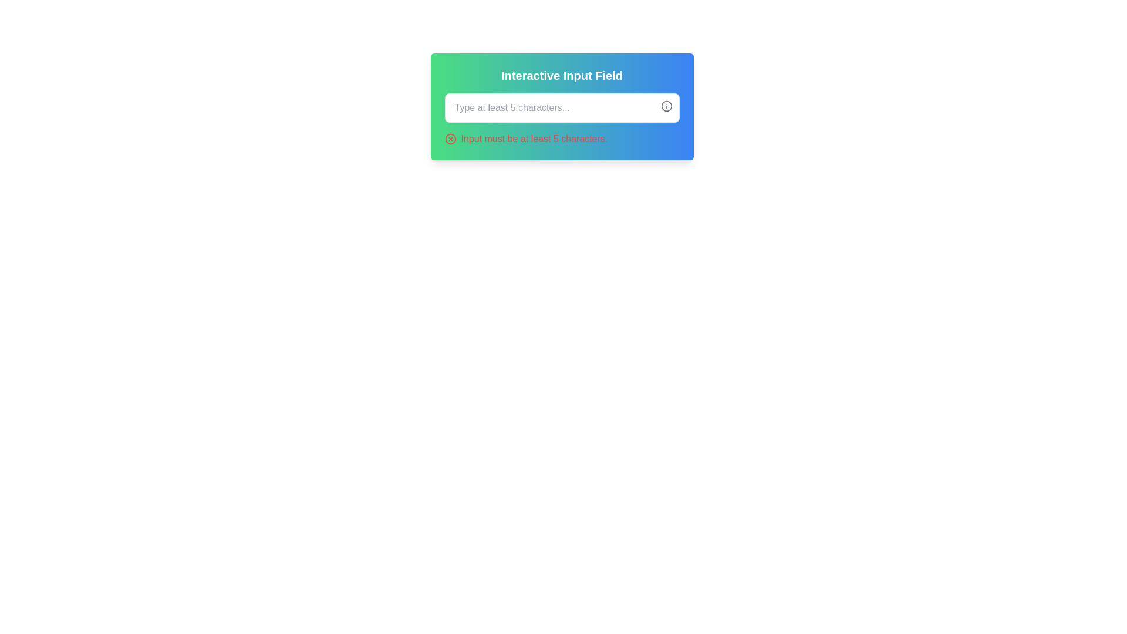 This screenshot has height=634, width=1127. I want to click on the circular outline of the icon located to the right of the text input field within the interface, so click(666, 106).